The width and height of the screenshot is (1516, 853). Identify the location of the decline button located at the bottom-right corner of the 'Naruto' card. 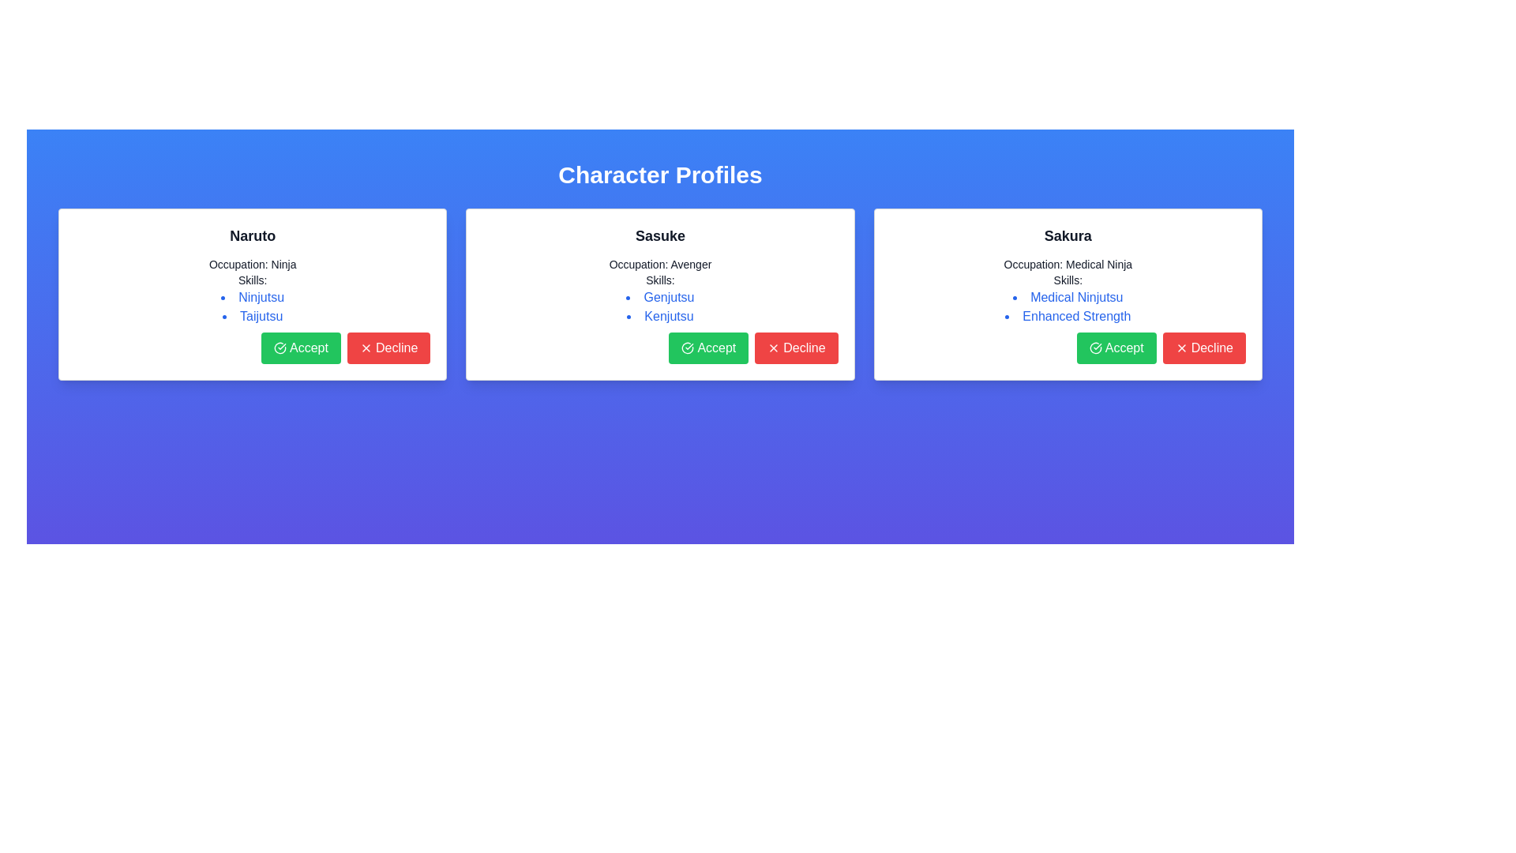
(388, 347).